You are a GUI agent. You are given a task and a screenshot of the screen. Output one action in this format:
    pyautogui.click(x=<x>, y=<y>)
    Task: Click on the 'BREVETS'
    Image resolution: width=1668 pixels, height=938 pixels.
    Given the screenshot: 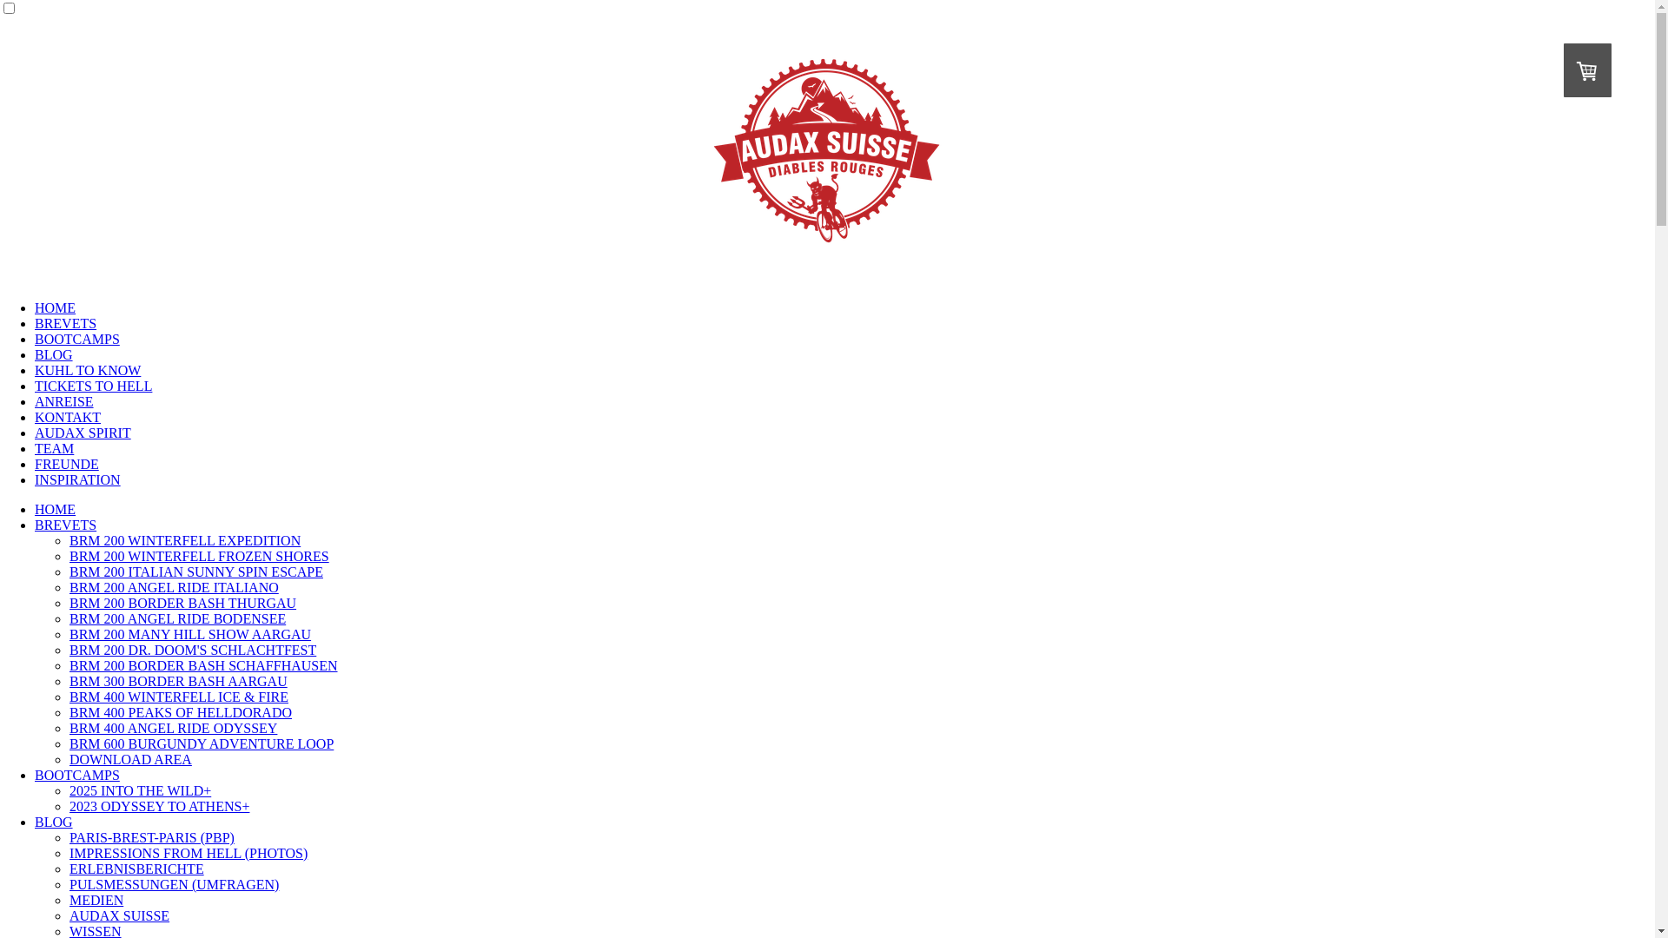 What is the action you would take?
    pyautogui.click(x=65, y=323)
    